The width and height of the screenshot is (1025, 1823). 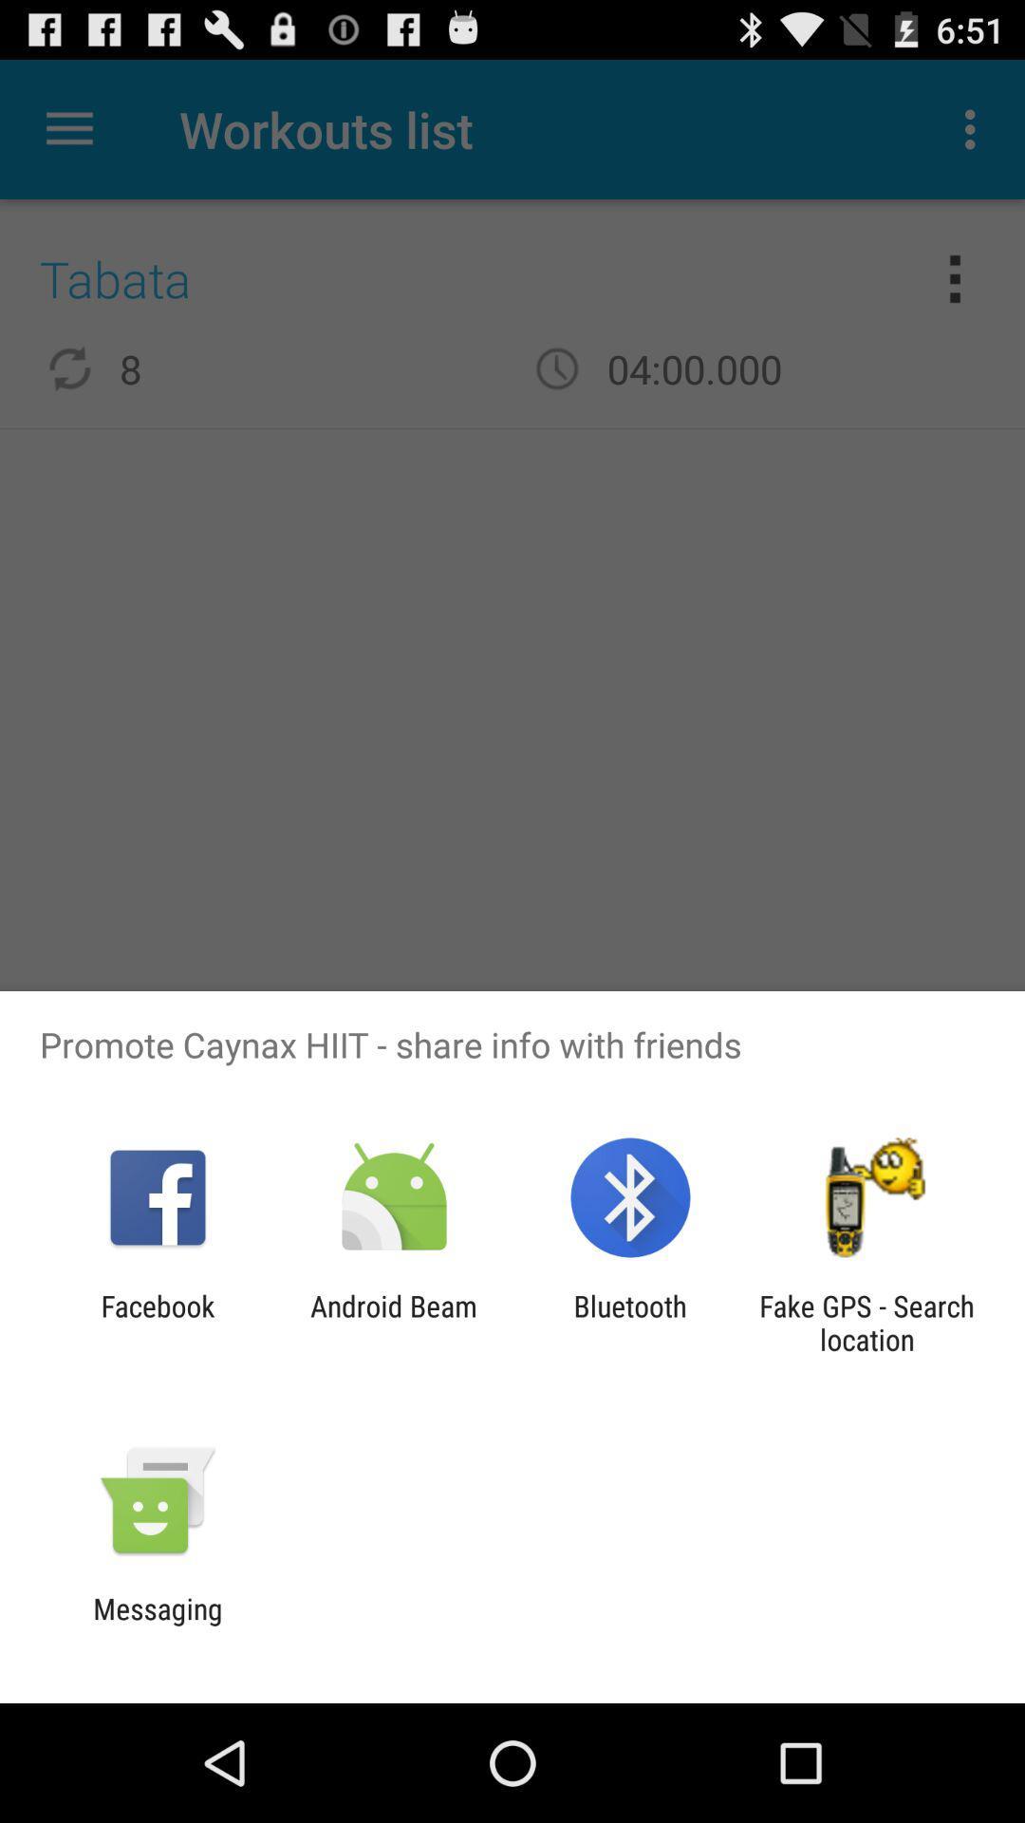 What do you see at coordinates (393, 1322) in the screenshot?
I see `the android beam item` at bounding box center [393, 1322].